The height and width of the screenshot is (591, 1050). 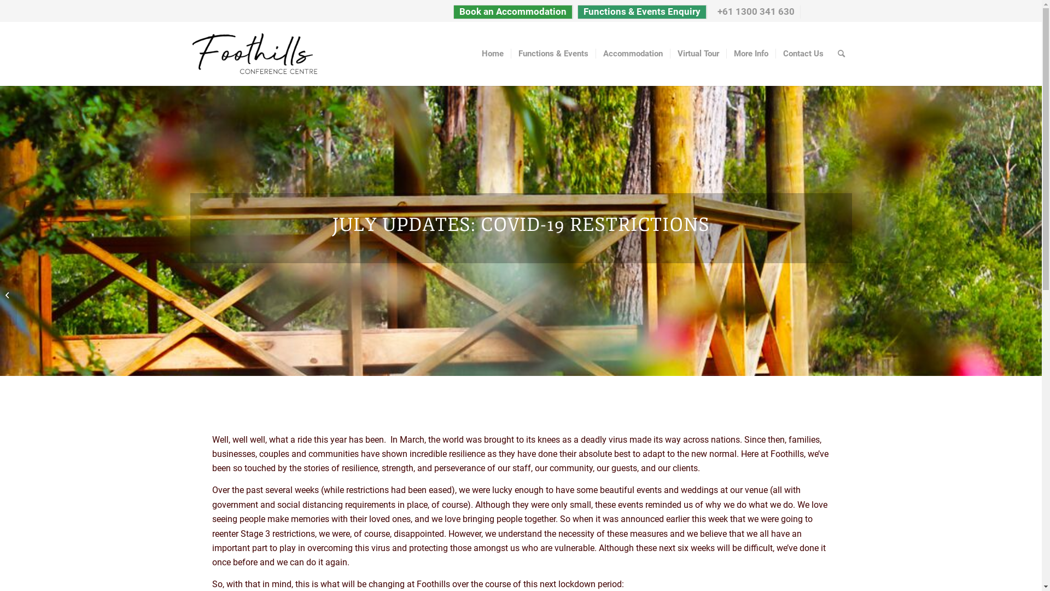 I want to click on 'Book an Accommodation', so click(x=512, y=12).